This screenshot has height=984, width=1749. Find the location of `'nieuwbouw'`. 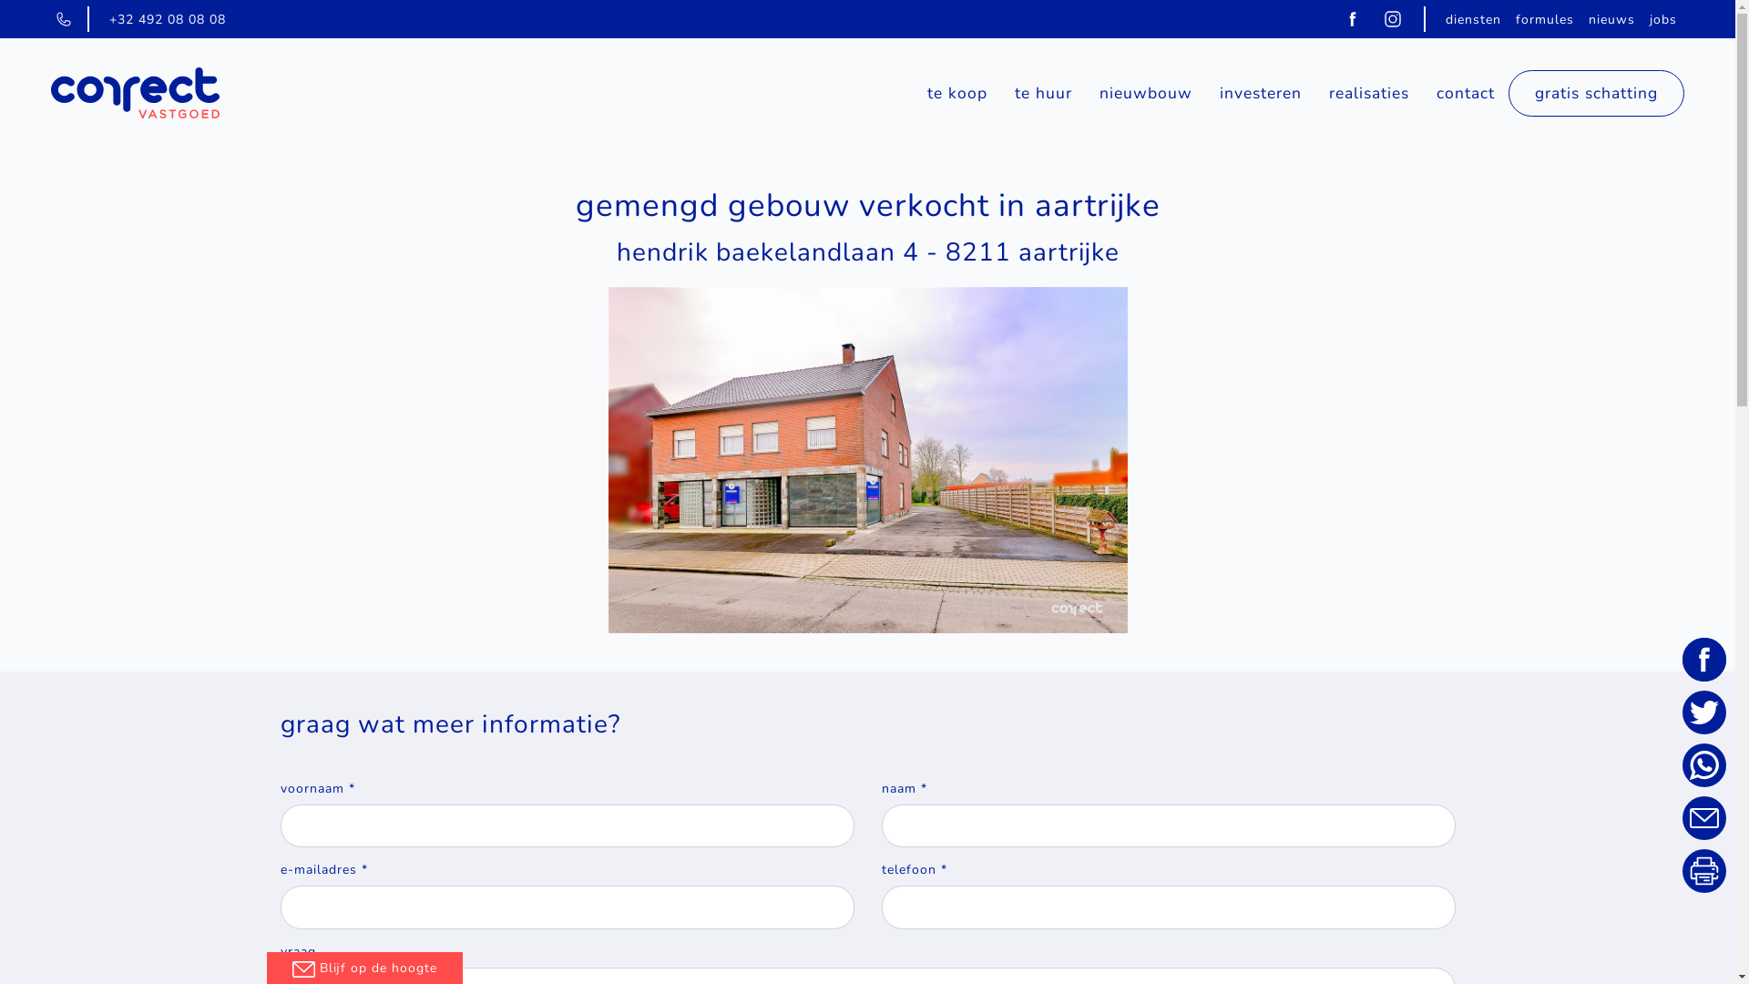

'nieuwbouw' is located at coordinates (1144, 92).